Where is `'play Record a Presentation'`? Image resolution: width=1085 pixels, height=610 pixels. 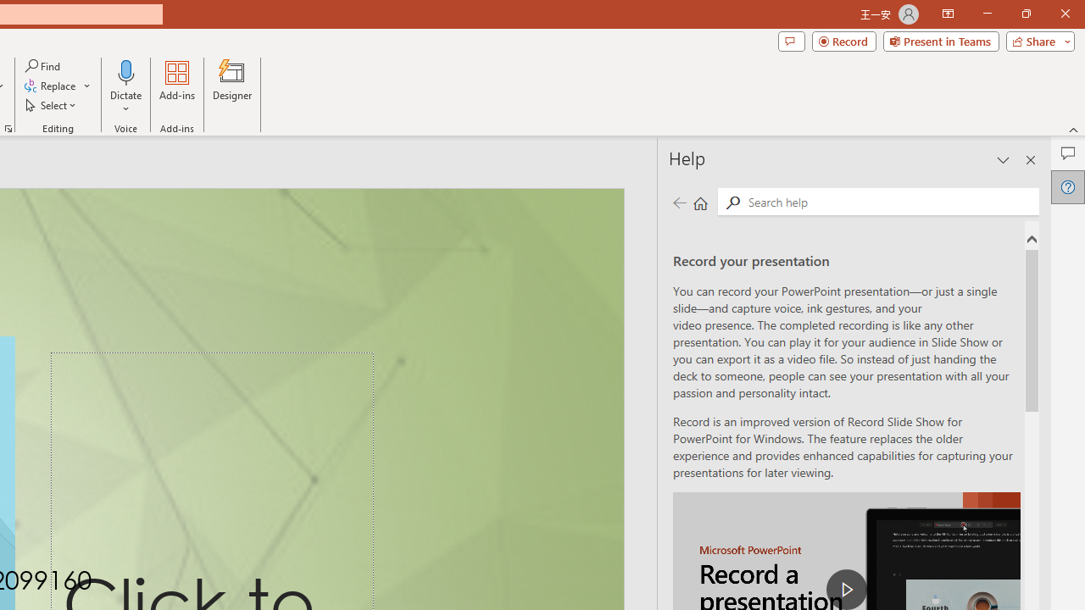 'play Record a Presentation' is located at coordinates (847, 588).